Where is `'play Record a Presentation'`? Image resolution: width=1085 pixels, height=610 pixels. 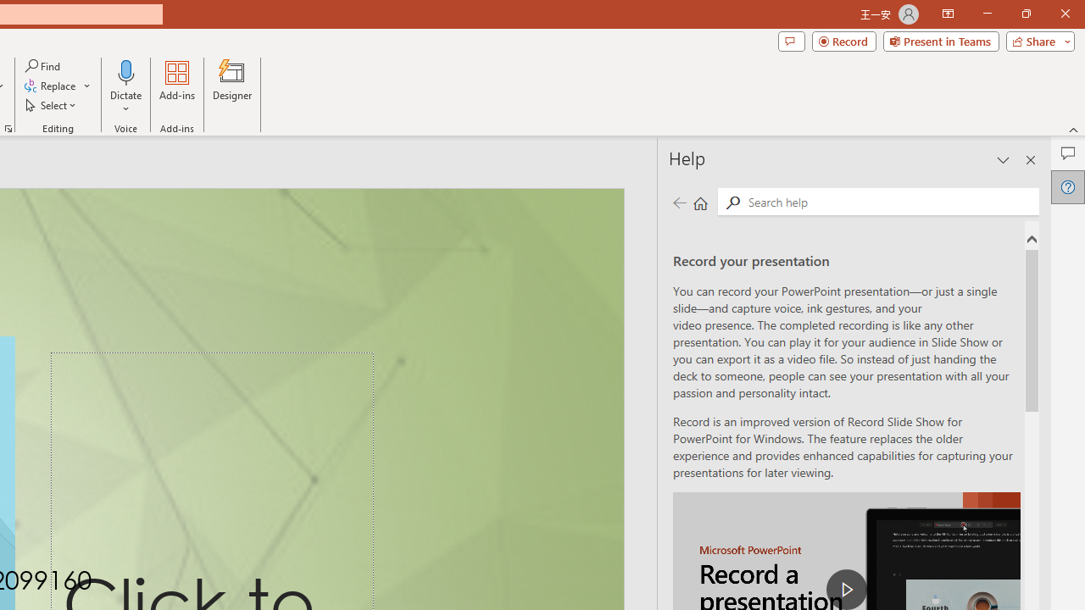 'play Record a Presentation' is located at coordinates (847, 588).